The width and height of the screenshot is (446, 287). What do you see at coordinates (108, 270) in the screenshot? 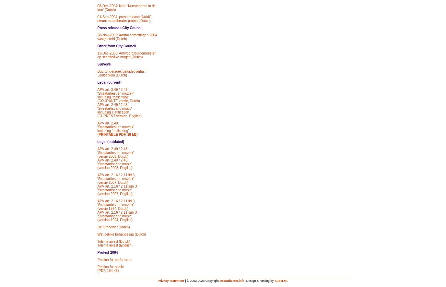
I see `'(PDF, 164 kB)'` at bounding box center [108, 270].